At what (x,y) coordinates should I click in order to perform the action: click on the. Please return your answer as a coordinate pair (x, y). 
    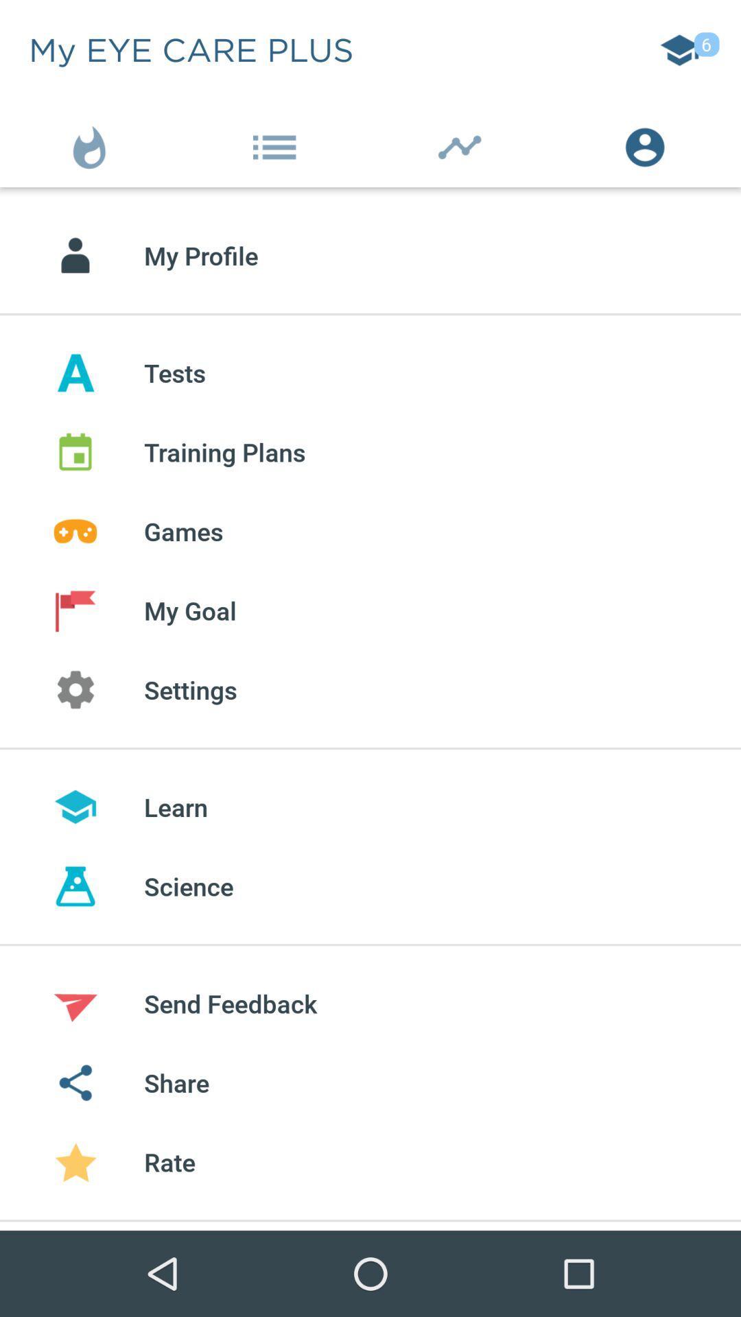
    Looking at the image, I should click on (463, 144).